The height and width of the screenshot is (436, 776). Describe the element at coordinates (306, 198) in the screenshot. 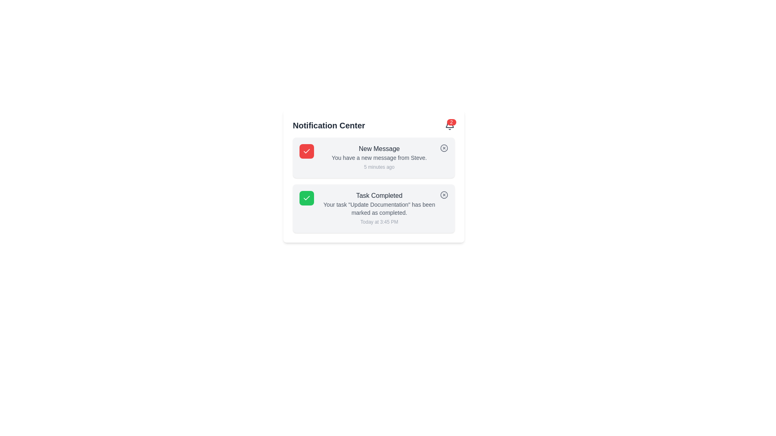

I see `completion icon located inside the 'Task Completed' notification, positioned to the left of the title text and above the descriptive text` at that location.